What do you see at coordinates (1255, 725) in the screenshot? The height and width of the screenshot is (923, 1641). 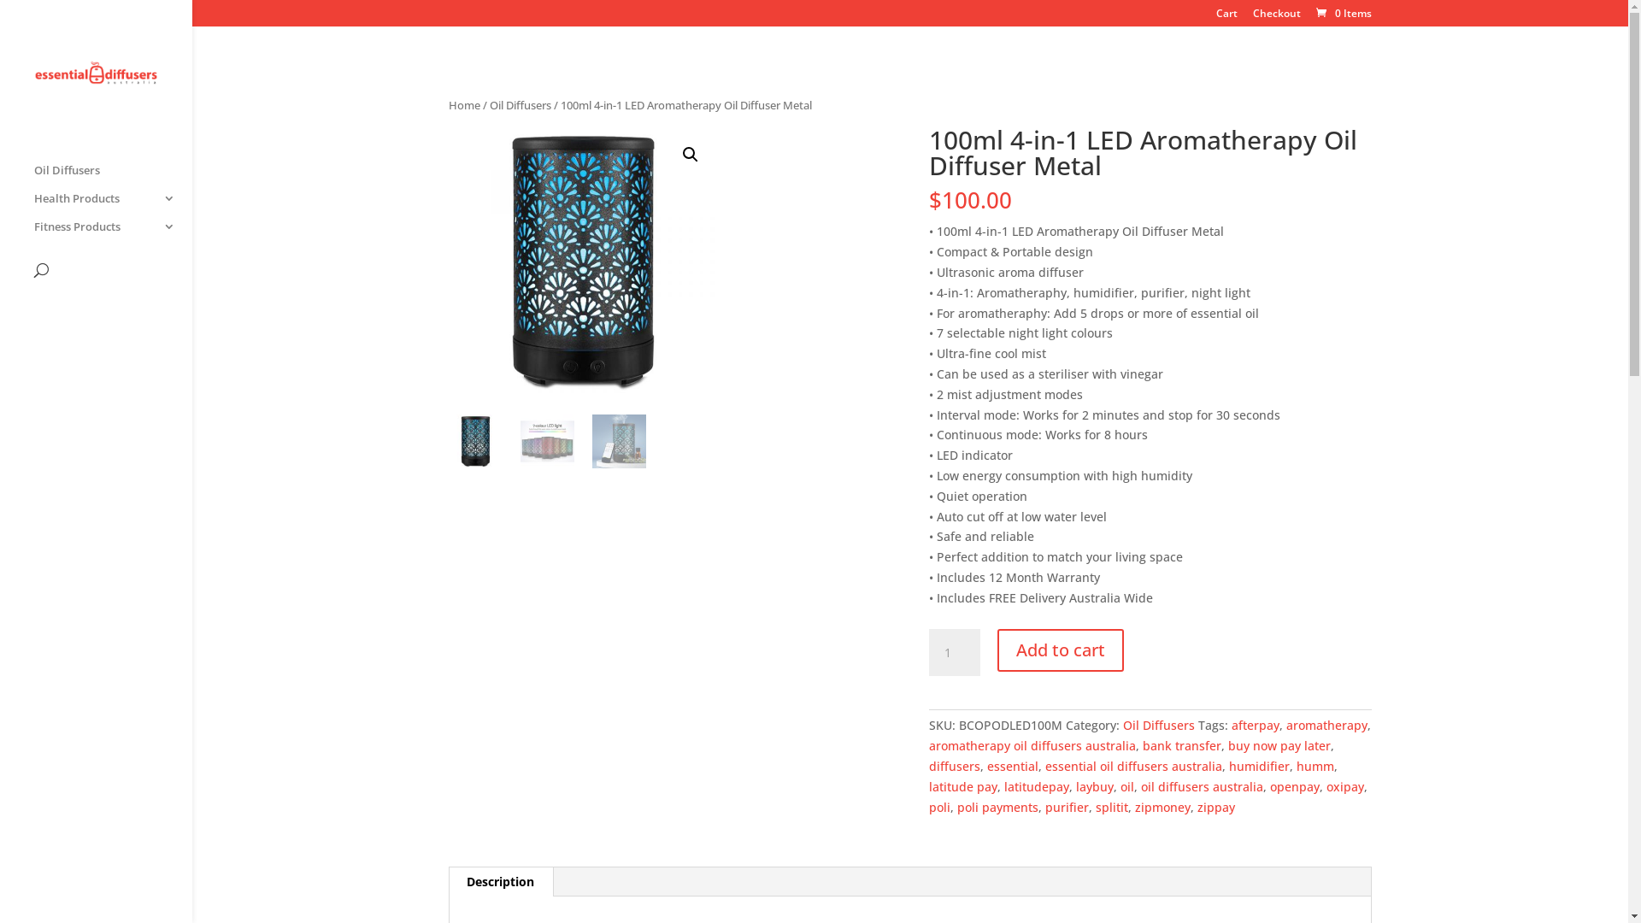 I see `'afterpay'` at bounding box center [1255, 725].